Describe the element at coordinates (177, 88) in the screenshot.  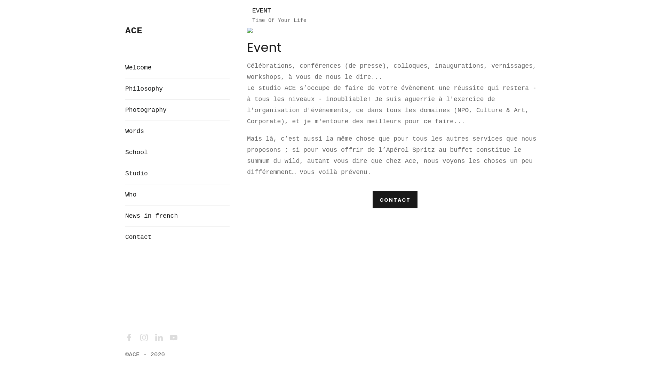
I see `'Philosophy'` at that location.